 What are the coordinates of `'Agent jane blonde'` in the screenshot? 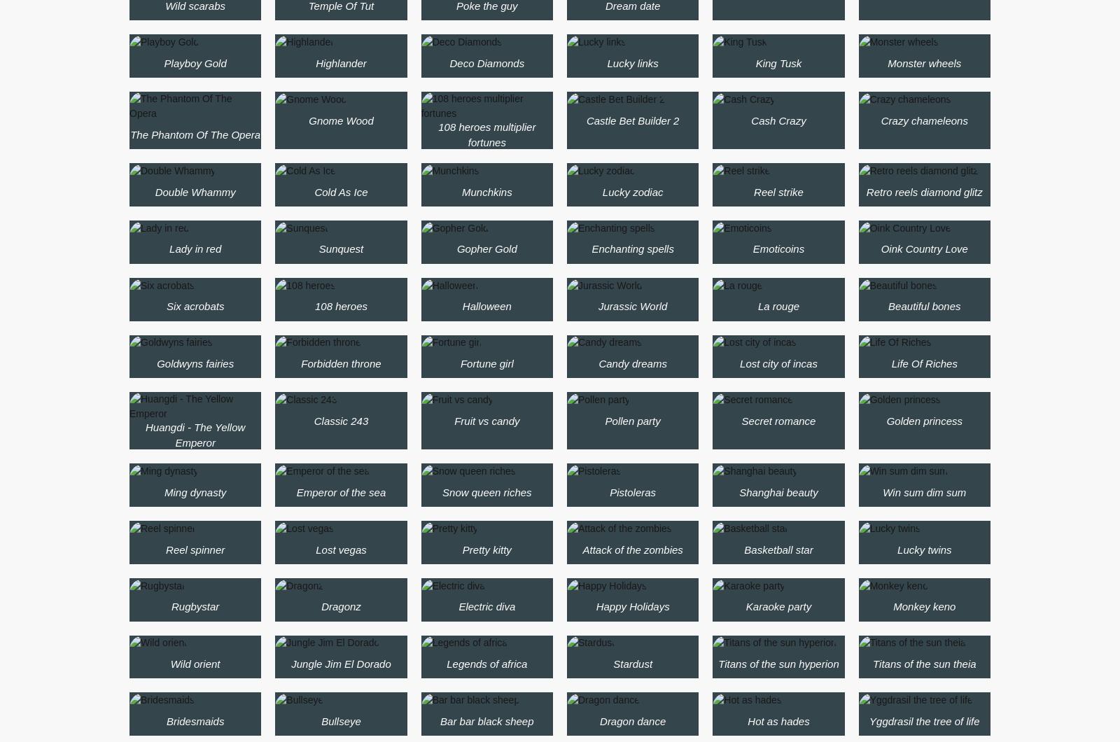 It's located at (298, 6).